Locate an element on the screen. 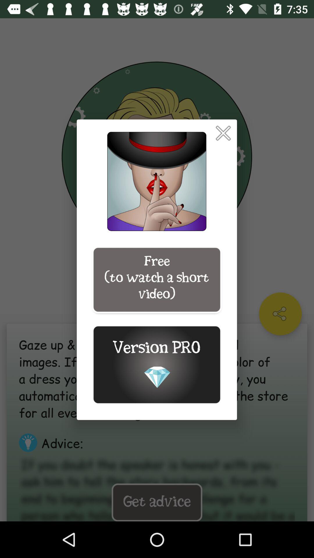  free to watch icon is located at coordinates (156, 280).